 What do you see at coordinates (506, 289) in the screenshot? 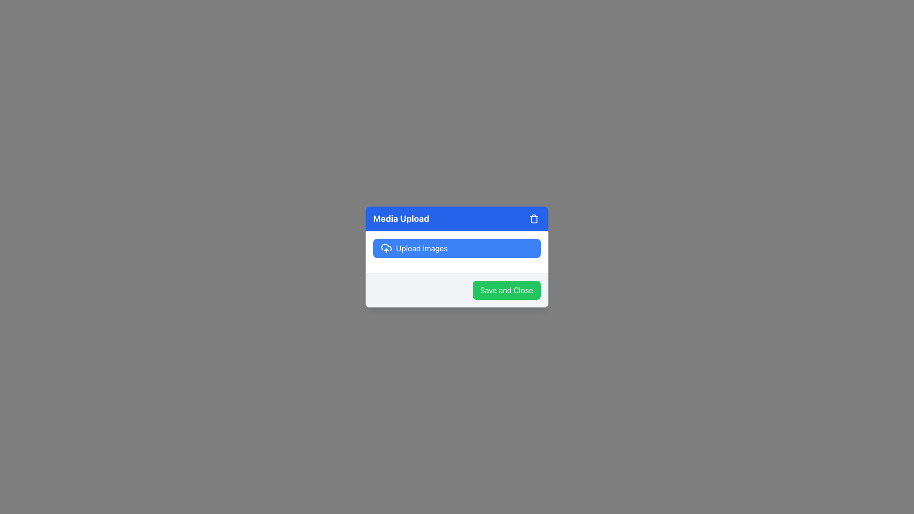
I see `the confirm button located at the bottom right corner of the 'Media Upload' interface` at bounding box center [506, 289].